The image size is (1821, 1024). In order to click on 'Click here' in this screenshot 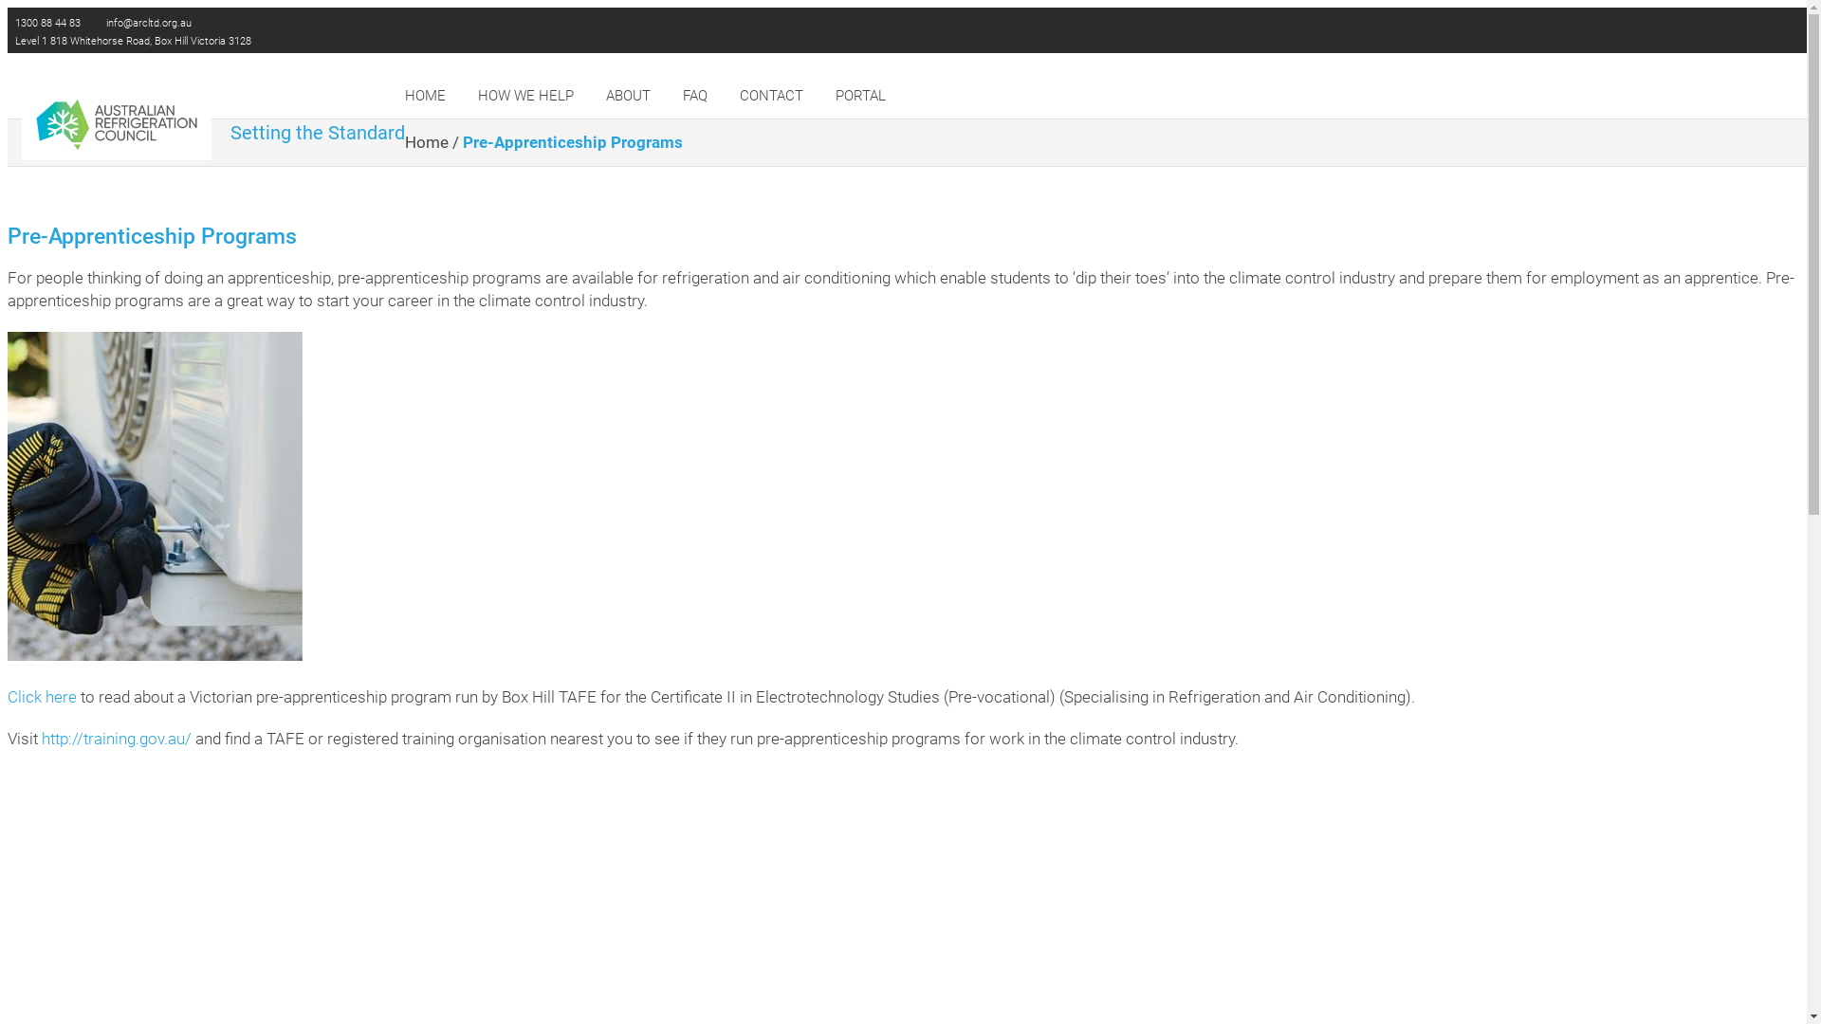, I will do `click(42, 697)`.